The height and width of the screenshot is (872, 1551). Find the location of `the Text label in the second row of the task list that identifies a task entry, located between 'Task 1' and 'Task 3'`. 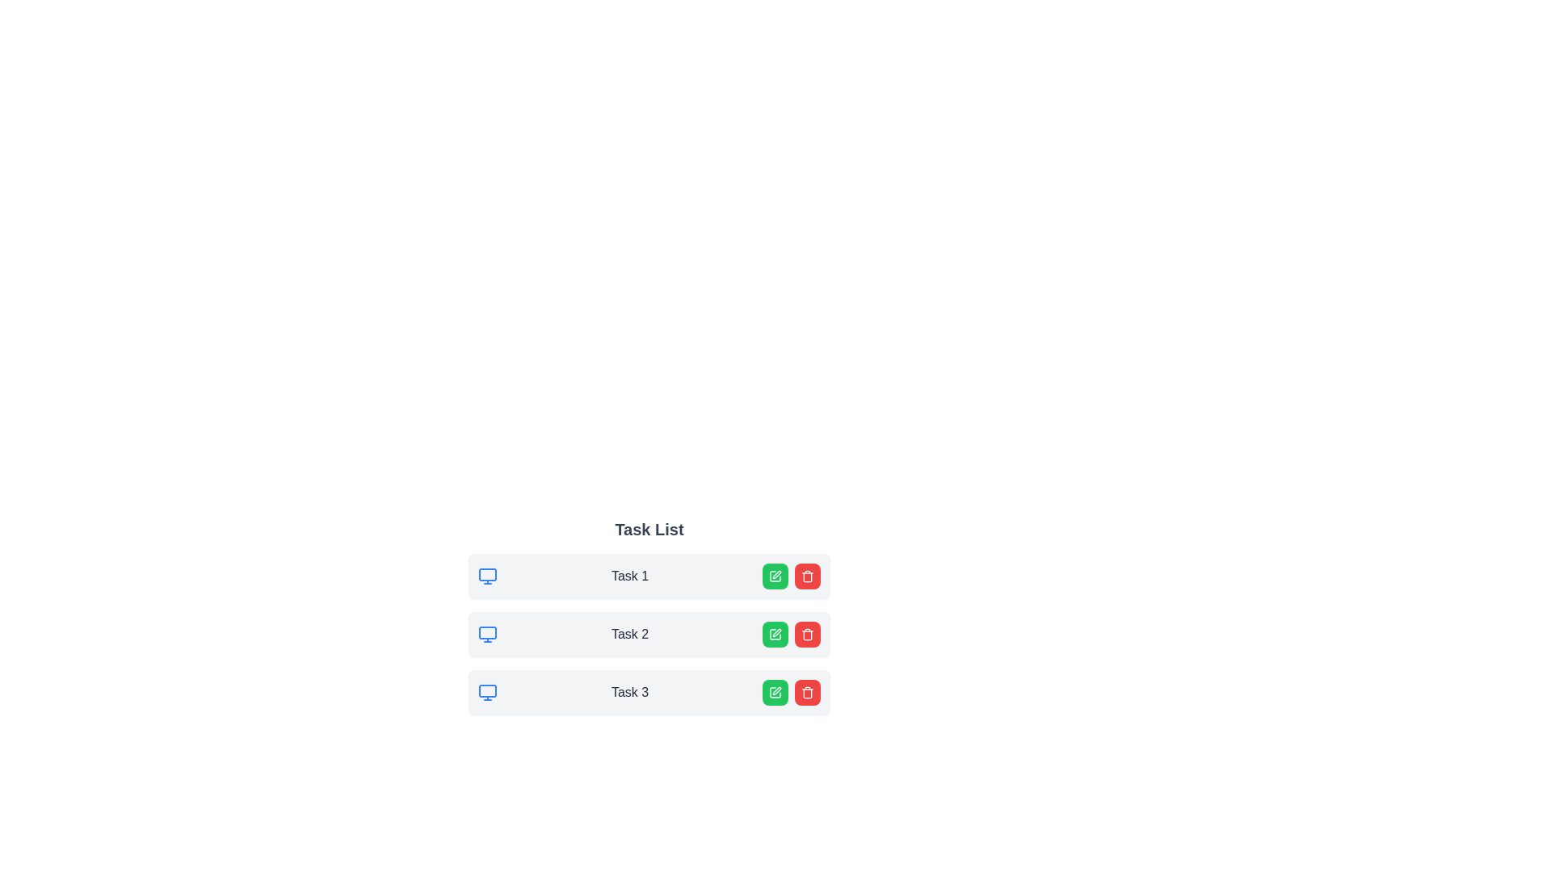

the Text label in the second row of the task list that identifies a task entry, located between 'Task 1' and 'Task 3' is located at coordinates (628, 634).